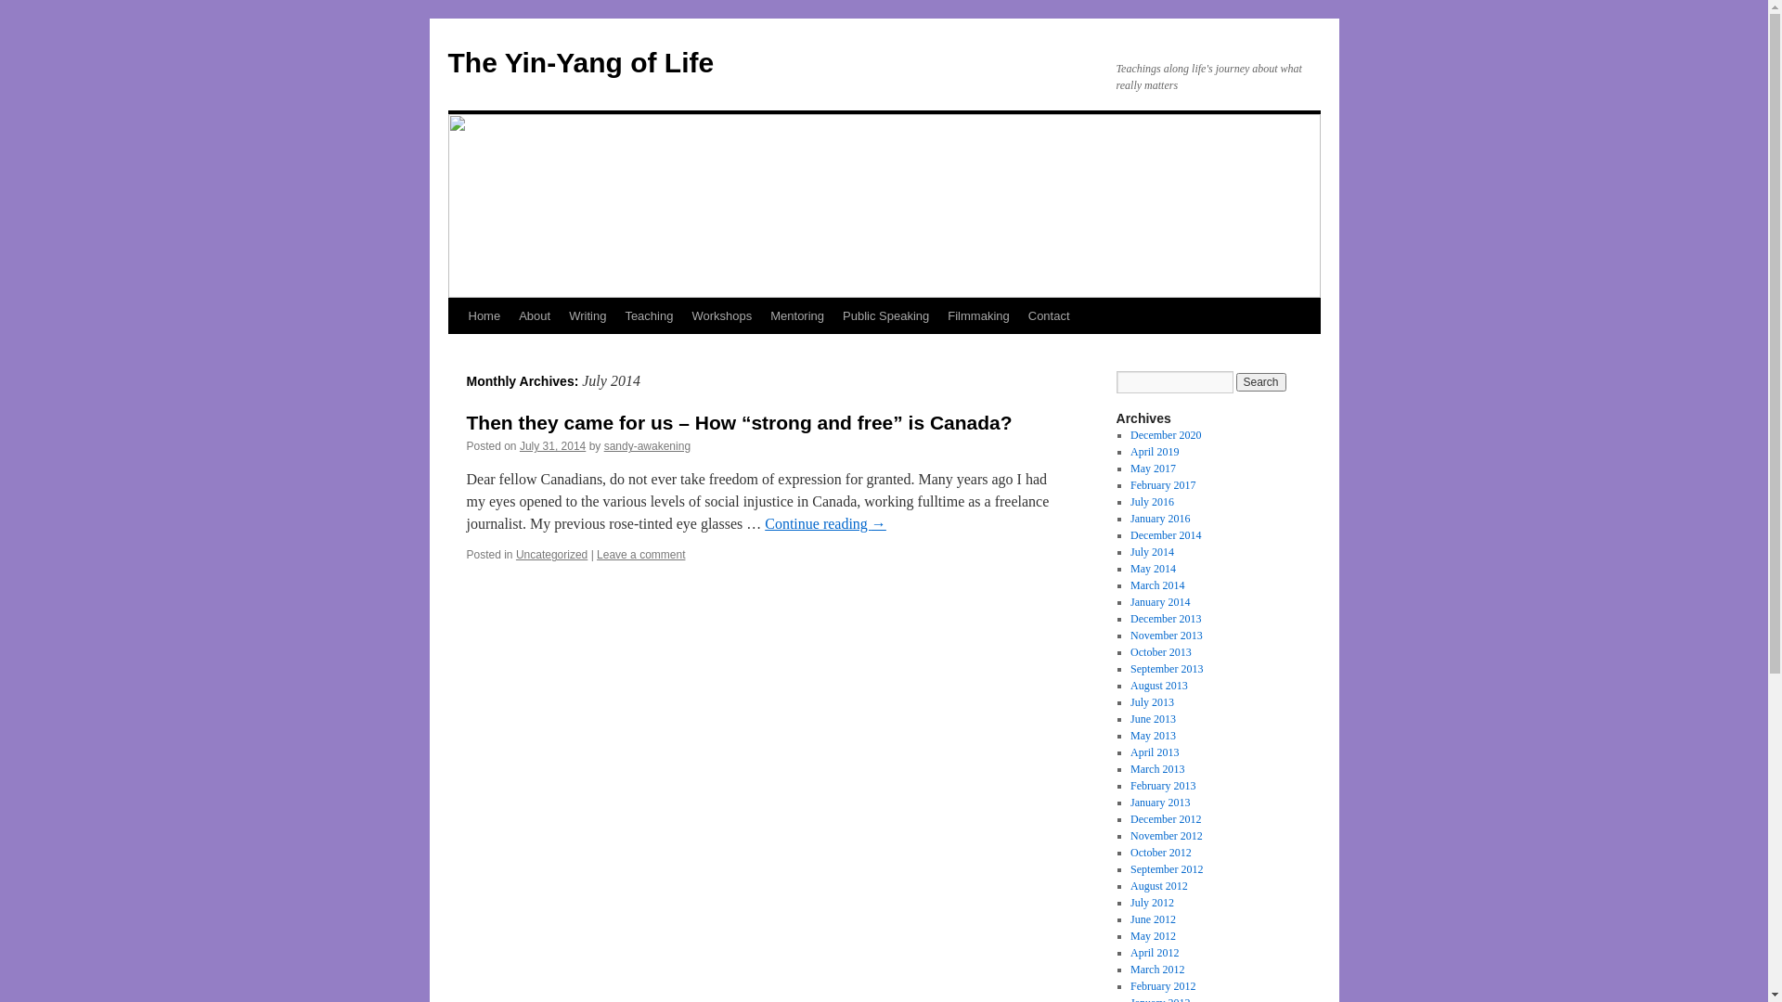  I want to click on 'Public Speaking', so click(885, 315).